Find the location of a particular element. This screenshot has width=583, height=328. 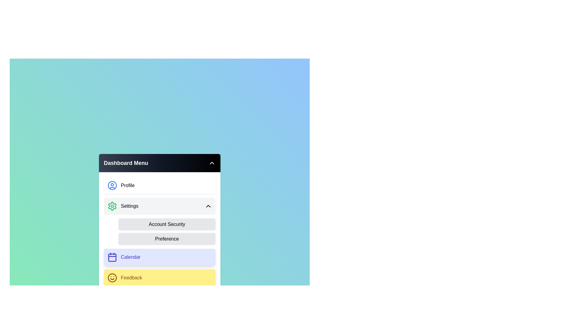

the green gear-shaped icon representing settings functionality located to the left of the 'Settings' text in the dashboard menu is located at coordinates (112, 206).